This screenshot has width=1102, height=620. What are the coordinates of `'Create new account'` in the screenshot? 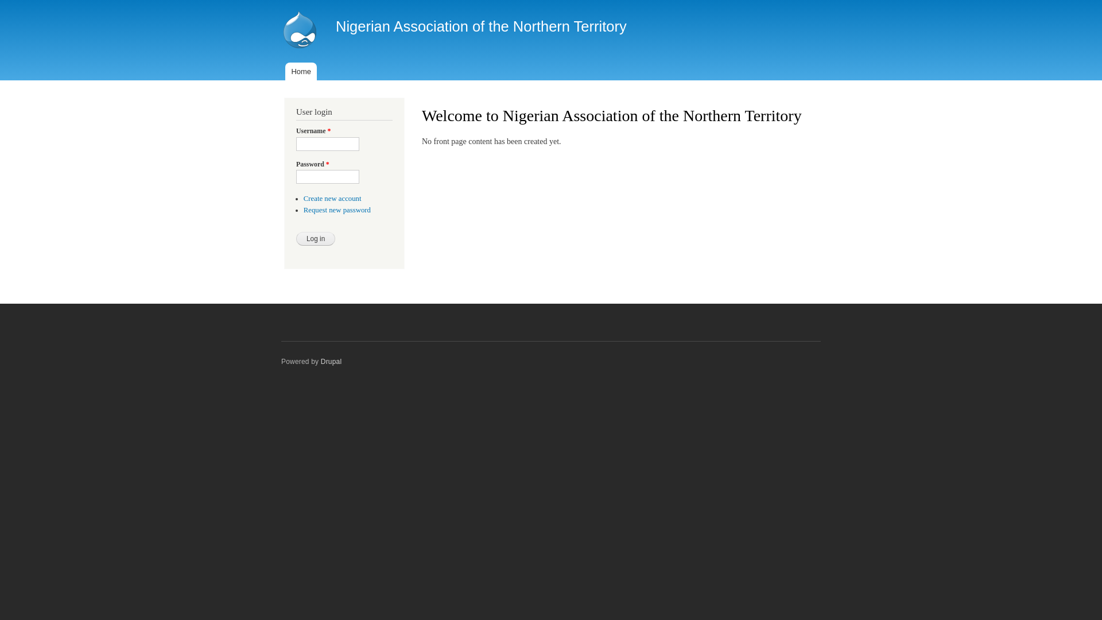 It's located at (332, 198).